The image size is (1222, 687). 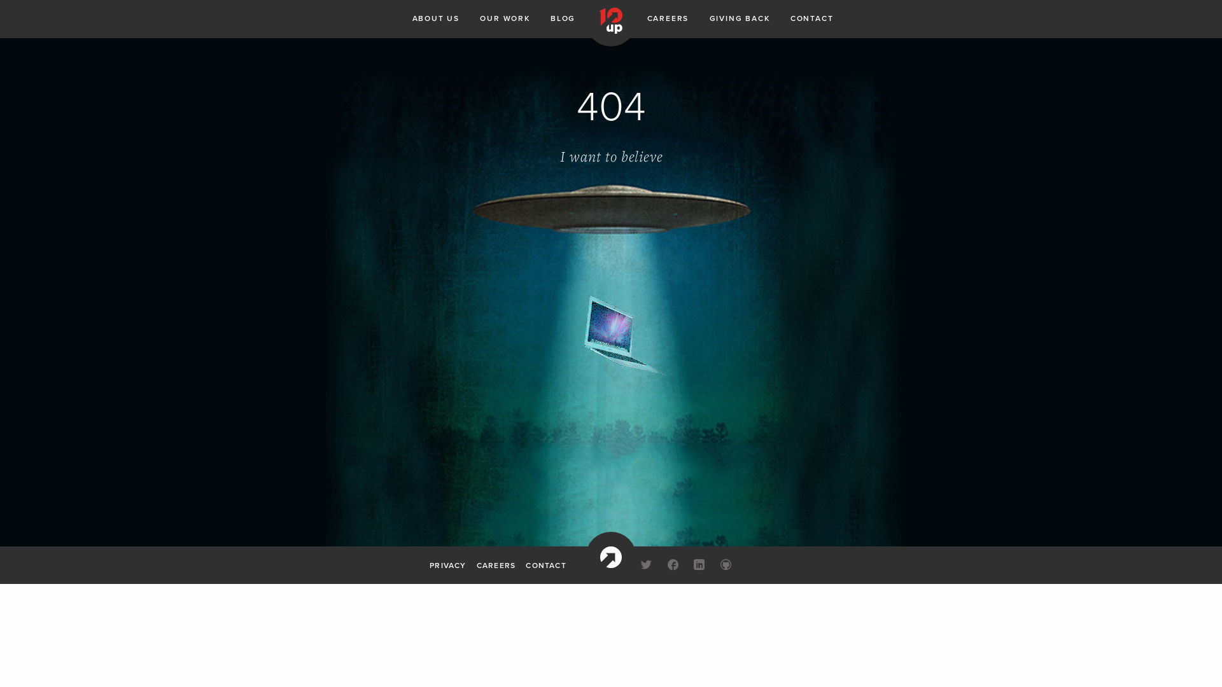 I want to click on 'TWITTER: @10UP', so click(x=635, y=566).